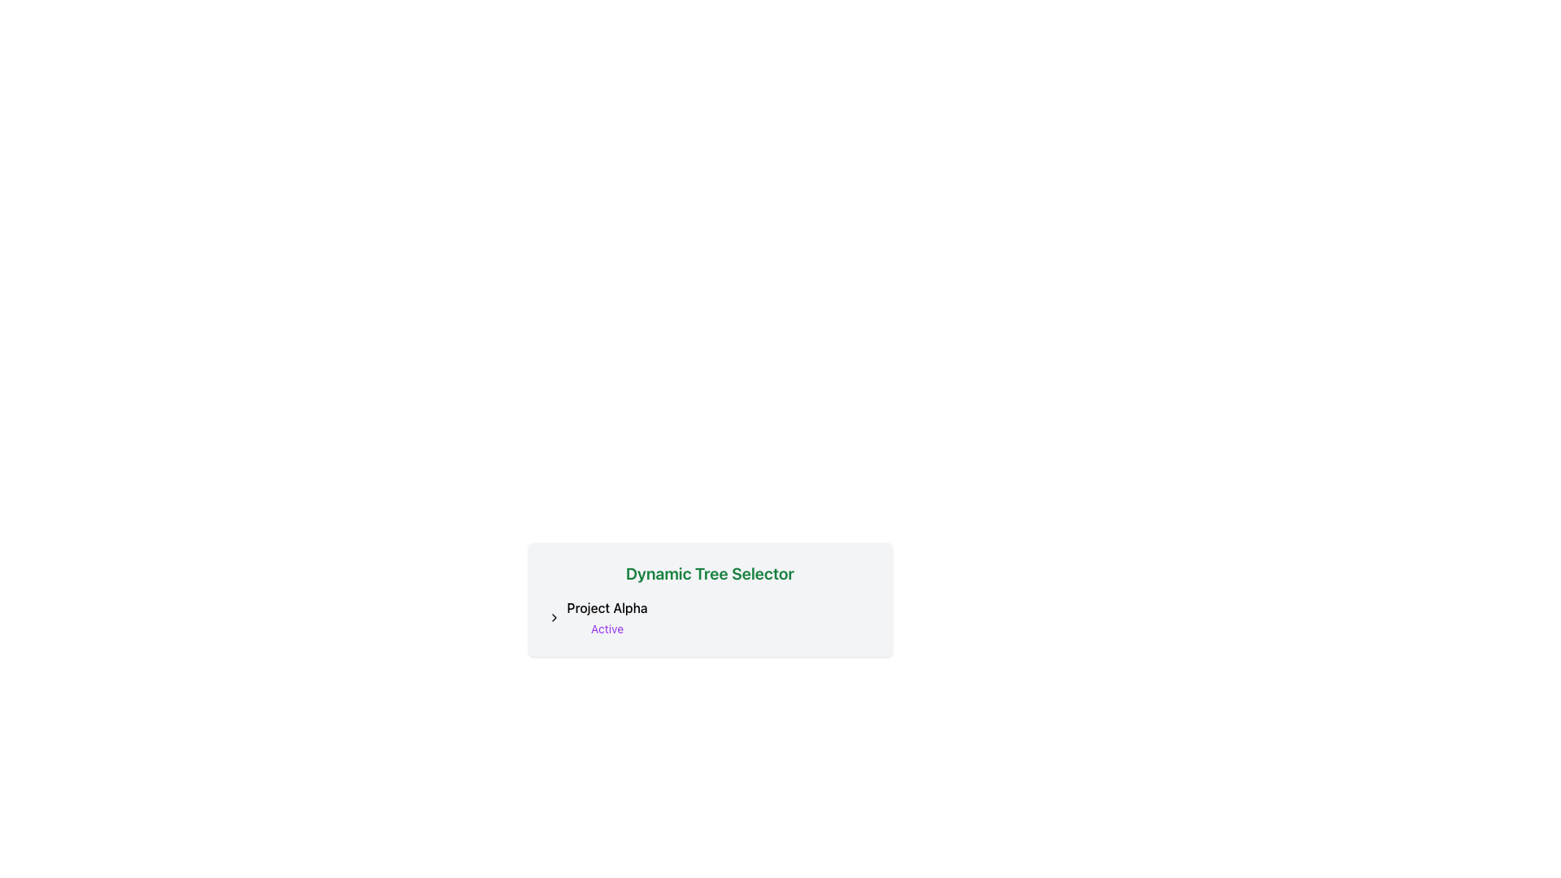 The image size is (1561, 878). What do you see at coordinates (554, 617) in the screenshot?
I see `the chevron icon located next to the 'Project Alpha' entry` at bounding box center [554, 617].